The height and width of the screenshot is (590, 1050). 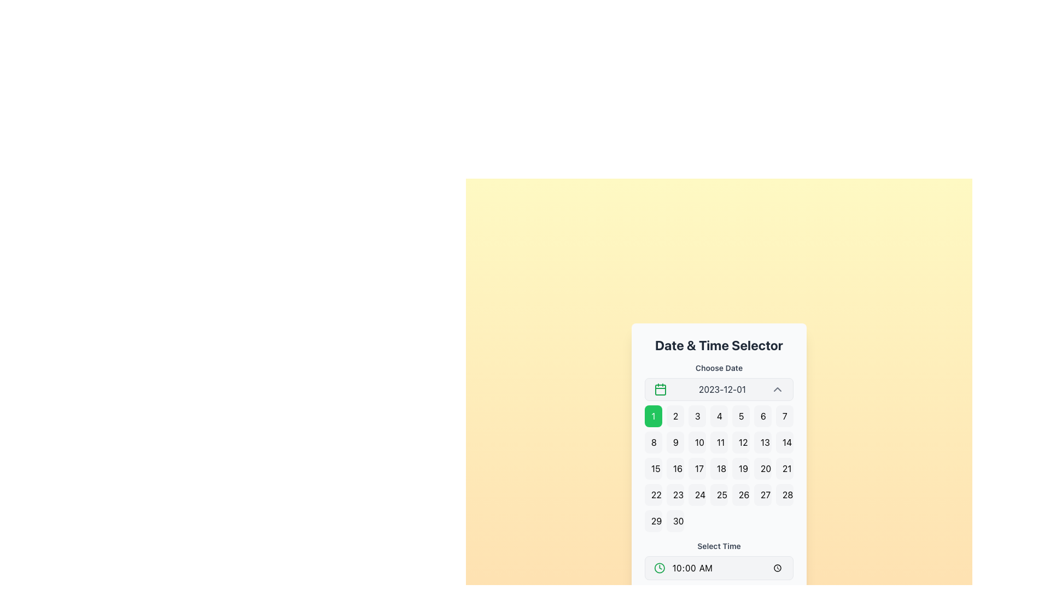 I want to click on the small rectangular button with rounded corners, labeled '3', located under the 'Choose Date' section of the 'Date & Time Selector', so click(x=697, y=416).